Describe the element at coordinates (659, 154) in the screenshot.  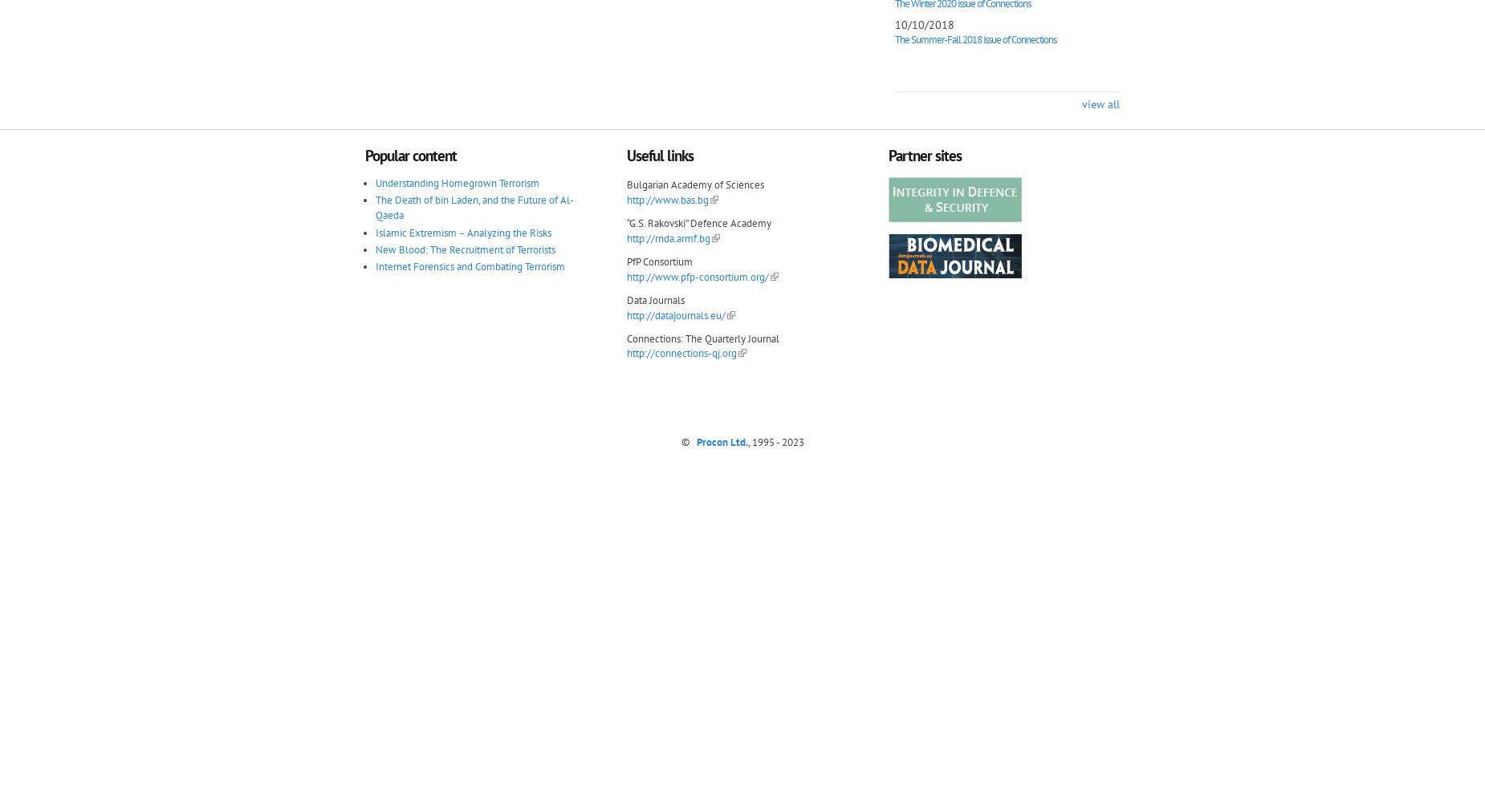
I see `'Useful links'` at that location.